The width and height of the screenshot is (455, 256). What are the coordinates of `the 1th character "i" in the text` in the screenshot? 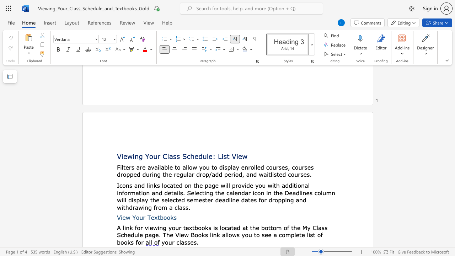 It's located at (122, 217).